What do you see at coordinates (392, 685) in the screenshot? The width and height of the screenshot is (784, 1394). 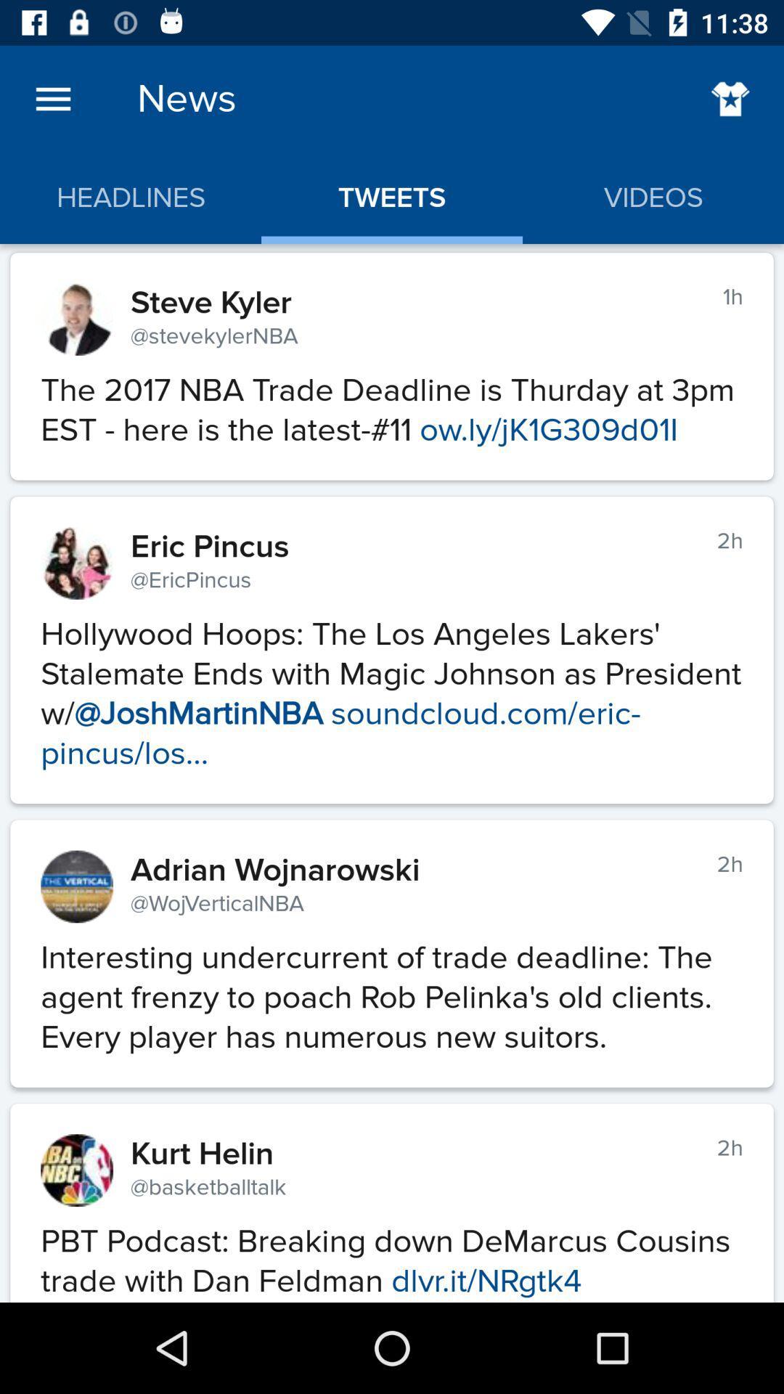 I see `the hollywood hoops the` at bounding box center [392, 685].